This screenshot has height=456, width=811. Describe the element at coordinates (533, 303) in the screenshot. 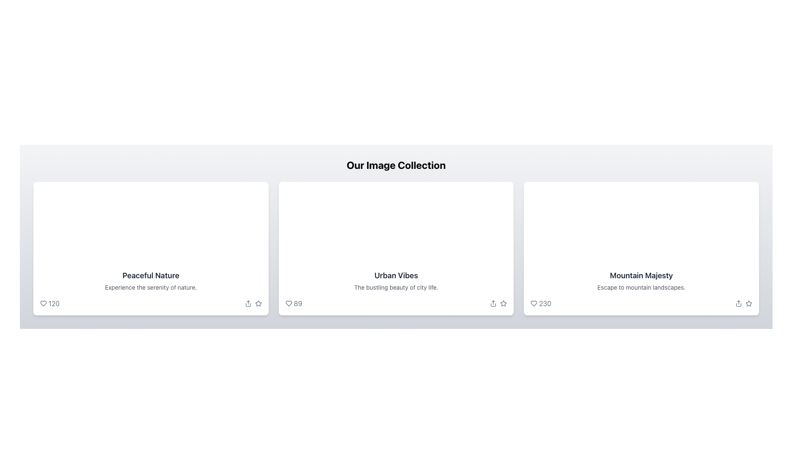

I see `the heart icon located in the bottom-right corner of the 'Mountain Majesty' card` at that location.